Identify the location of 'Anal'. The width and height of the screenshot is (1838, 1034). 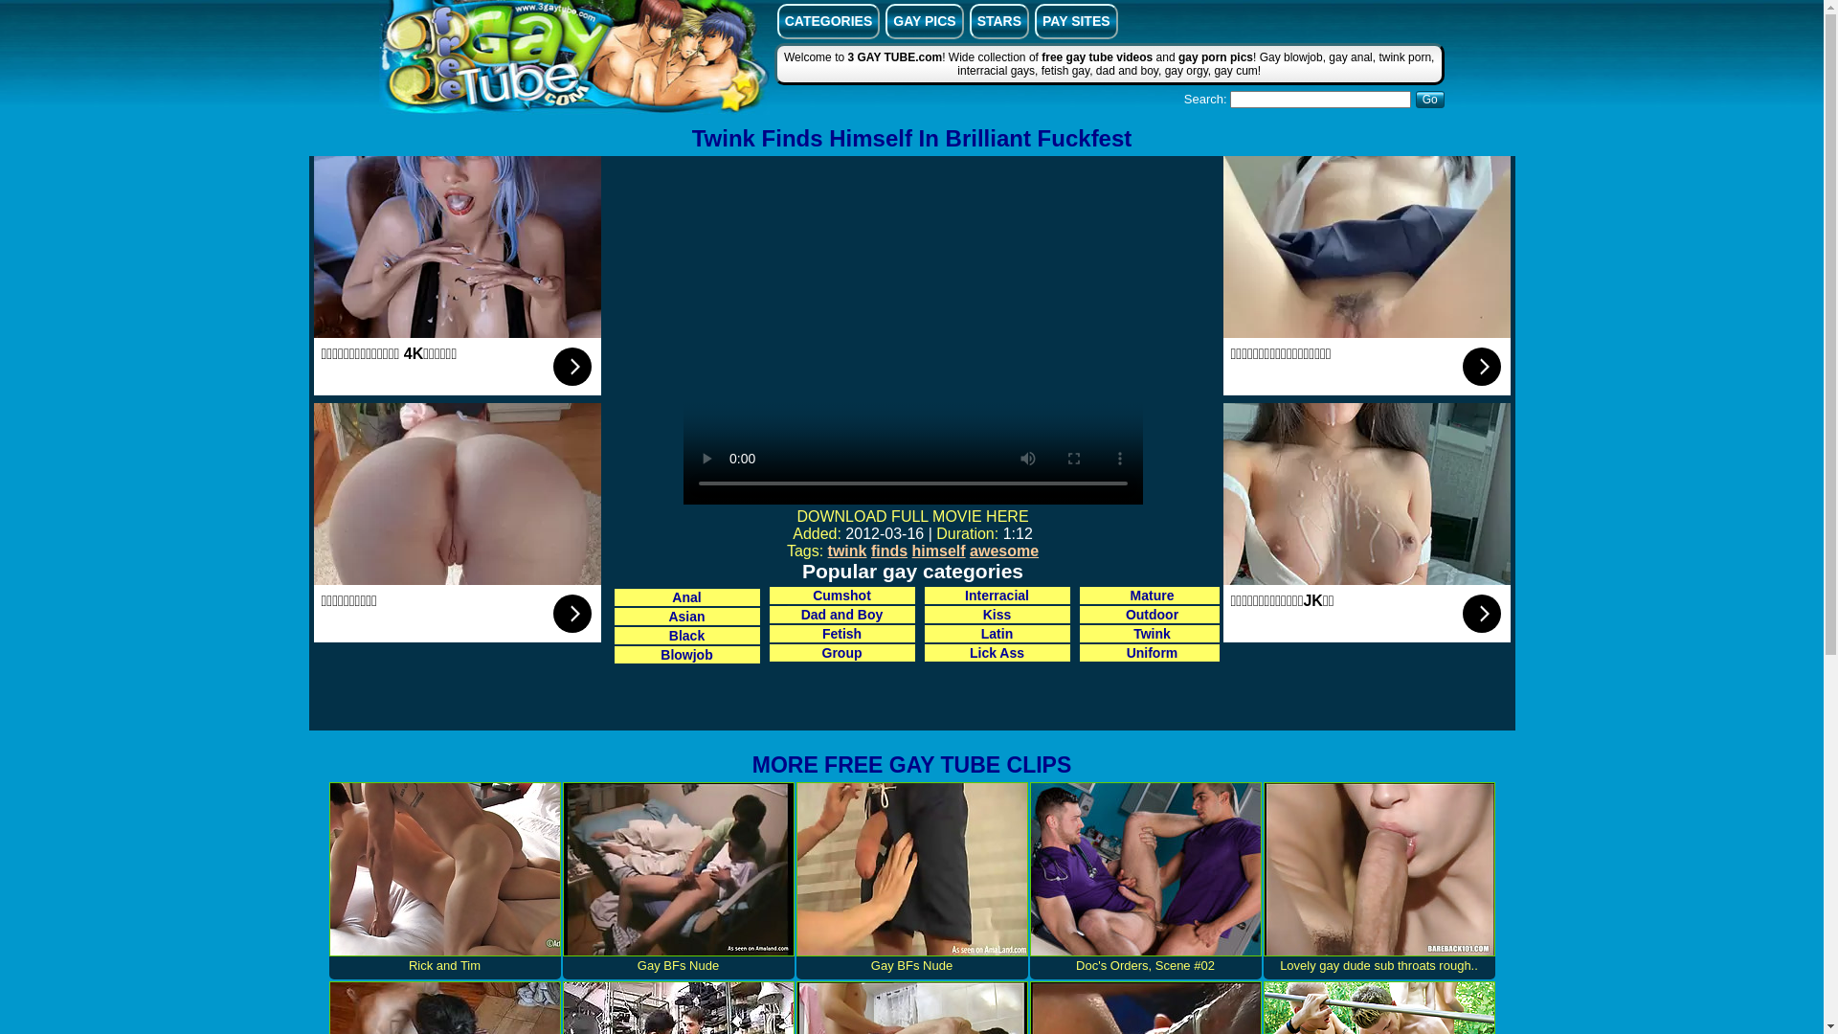
(687, 596).